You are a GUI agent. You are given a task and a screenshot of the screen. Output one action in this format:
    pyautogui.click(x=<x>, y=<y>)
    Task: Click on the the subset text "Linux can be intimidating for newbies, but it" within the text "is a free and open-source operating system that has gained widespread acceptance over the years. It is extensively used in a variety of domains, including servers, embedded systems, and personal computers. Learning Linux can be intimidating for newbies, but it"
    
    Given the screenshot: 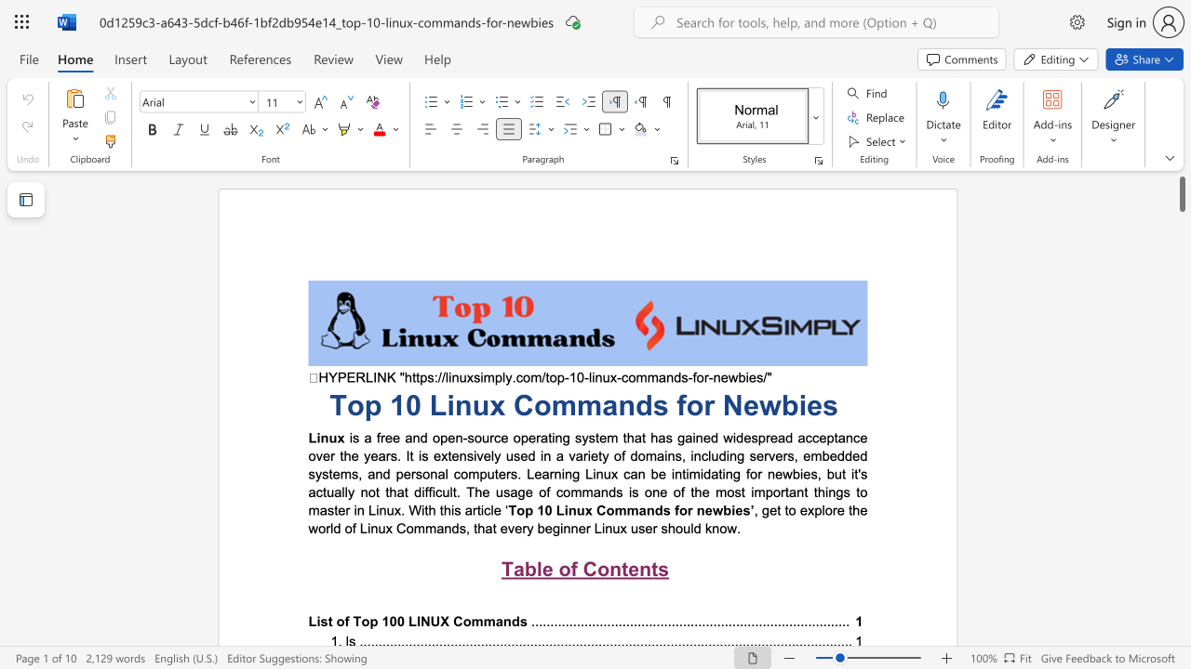 What is the action you would take?
    pyautogui.click(x=584, y=473)
    